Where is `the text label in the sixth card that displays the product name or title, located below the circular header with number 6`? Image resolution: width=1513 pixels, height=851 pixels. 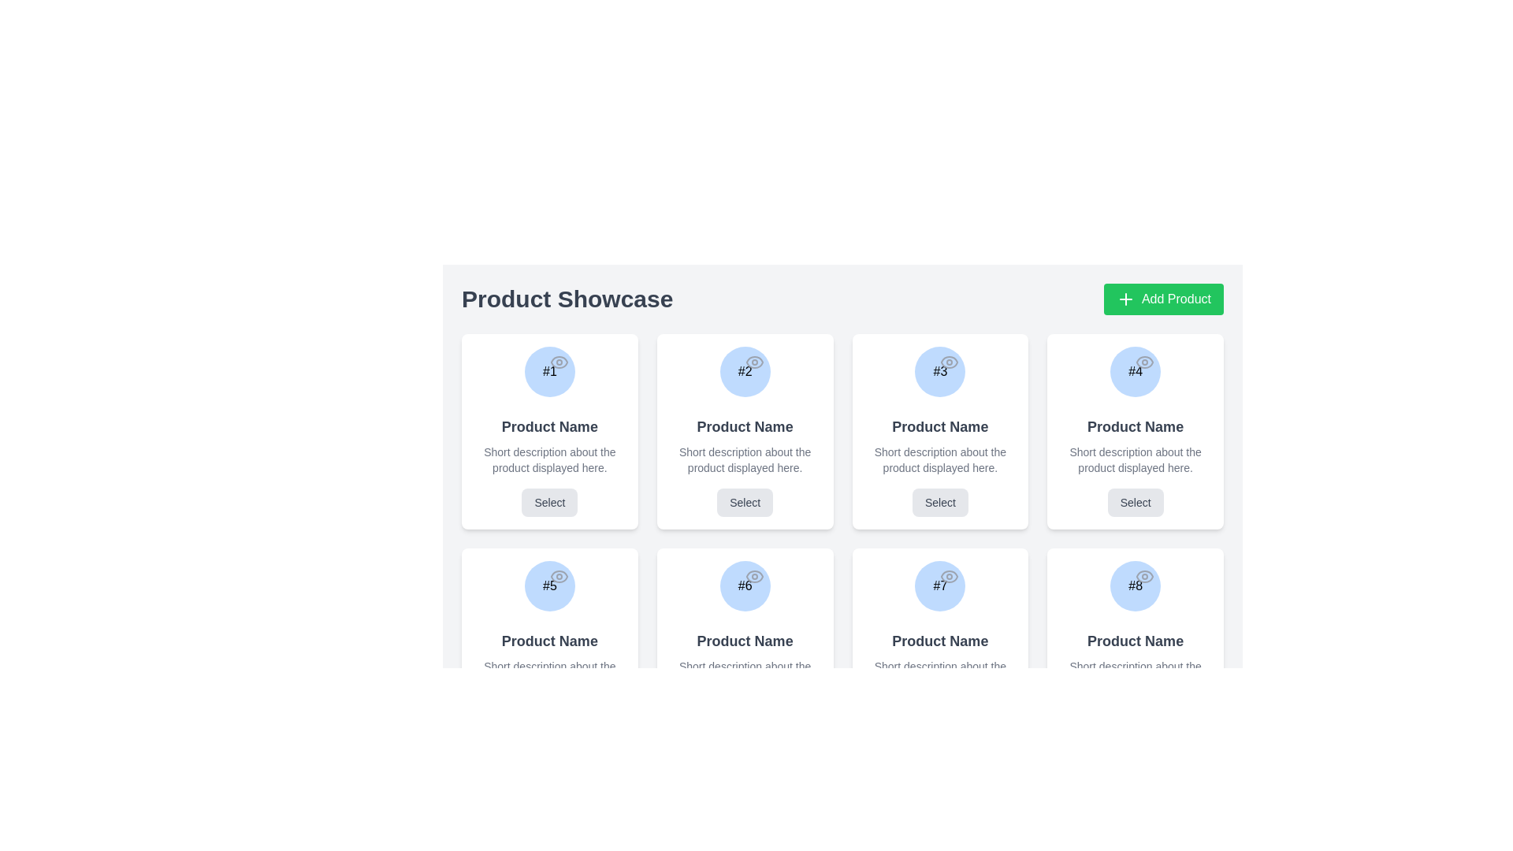
the text label in the sixth card that displays the product name or title, located below the circular header with number 6 is located at coordinates (744, 641).